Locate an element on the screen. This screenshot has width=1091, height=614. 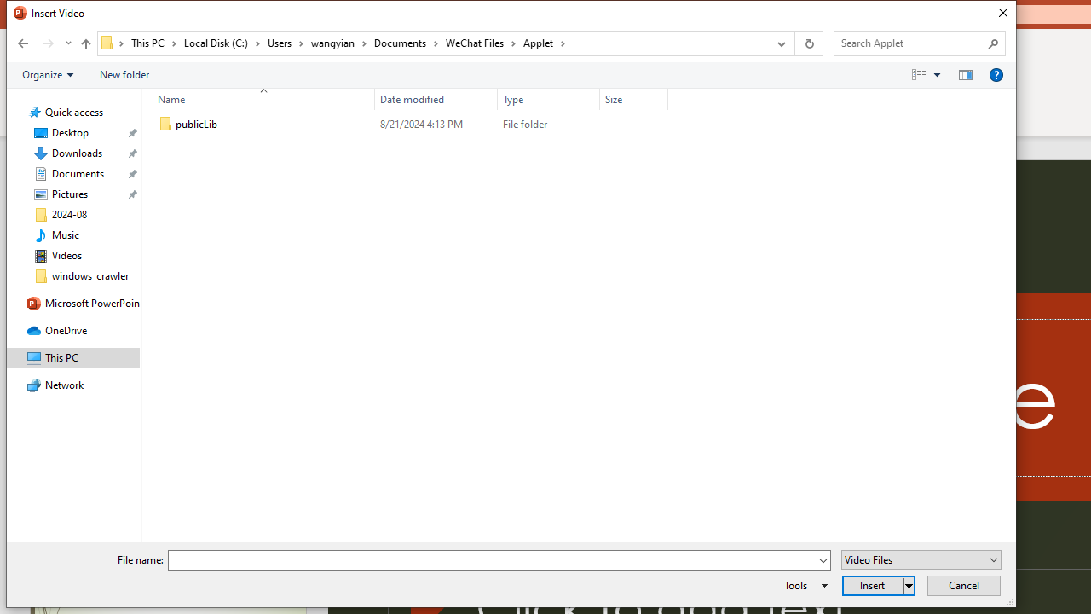
'View Slider' is located at coordinates (936, 73).